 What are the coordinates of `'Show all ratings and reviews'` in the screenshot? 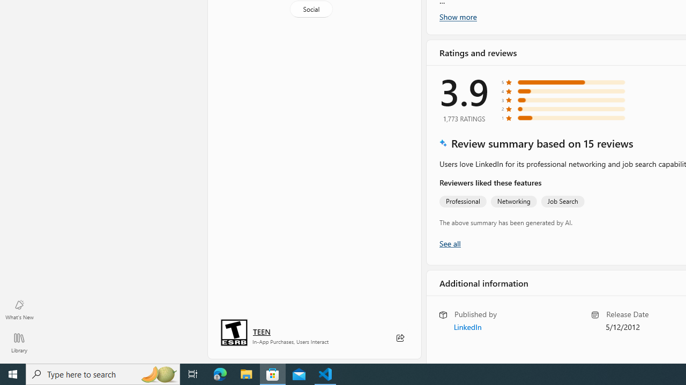 It's located at (450, 243).